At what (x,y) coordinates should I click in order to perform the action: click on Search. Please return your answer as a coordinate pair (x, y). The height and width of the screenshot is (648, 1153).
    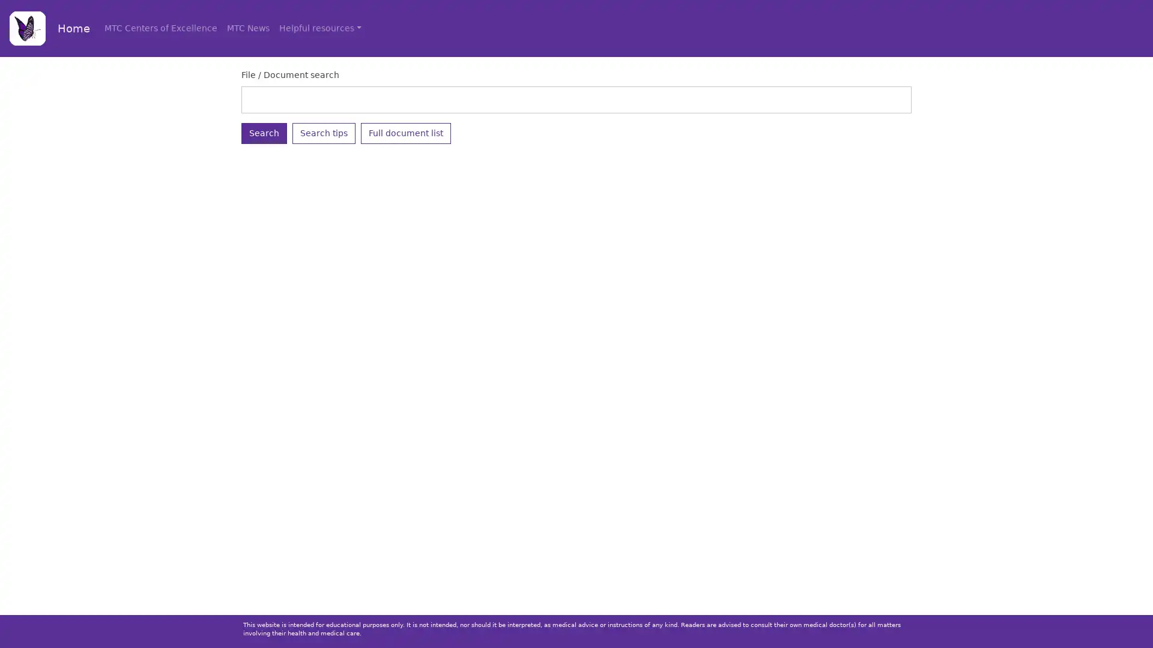
    Looking at the image, I should click on (264, 133).